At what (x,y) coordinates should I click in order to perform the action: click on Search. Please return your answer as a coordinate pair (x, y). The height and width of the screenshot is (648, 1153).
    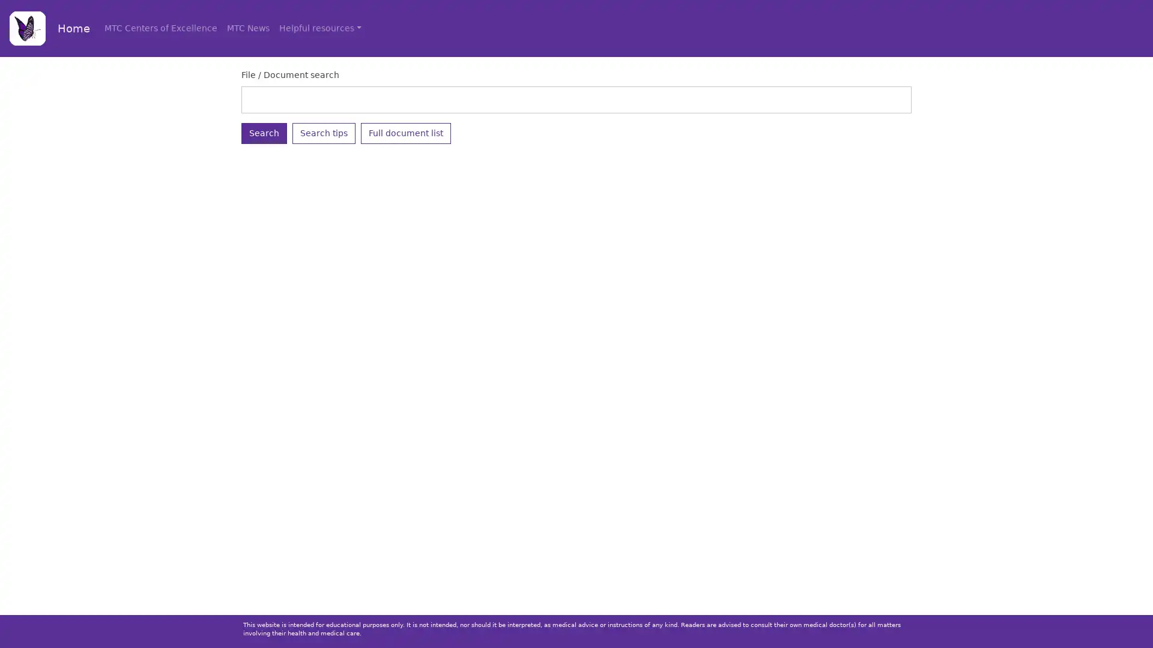
    Looking at the image, I should click on (264, 133).